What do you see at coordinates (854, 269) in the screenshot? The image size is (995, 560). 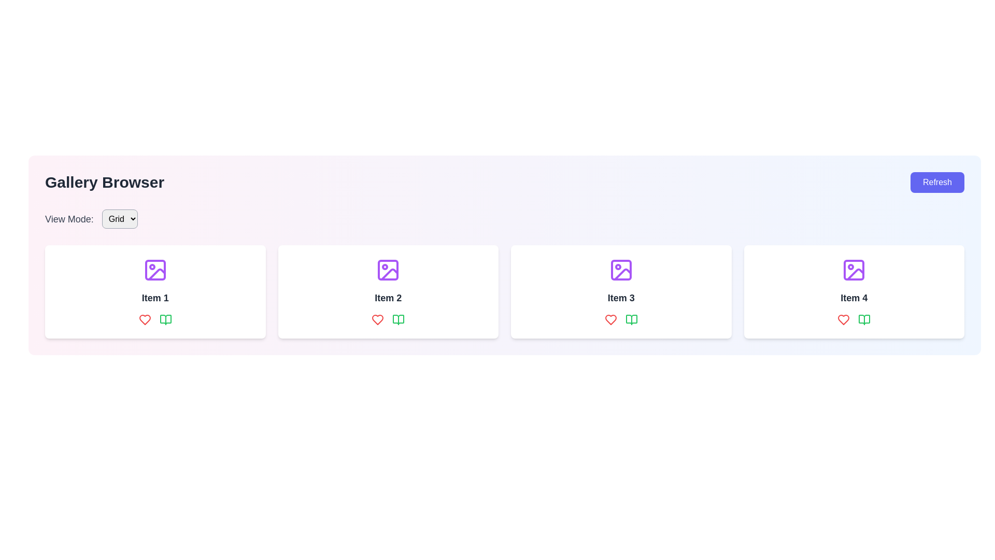 I see `rectangular graphical component that enhances the visual representation of the purple image icon, located at the center of the fourth gallery item card for debugging purposes` at bounding box center [854, 269].